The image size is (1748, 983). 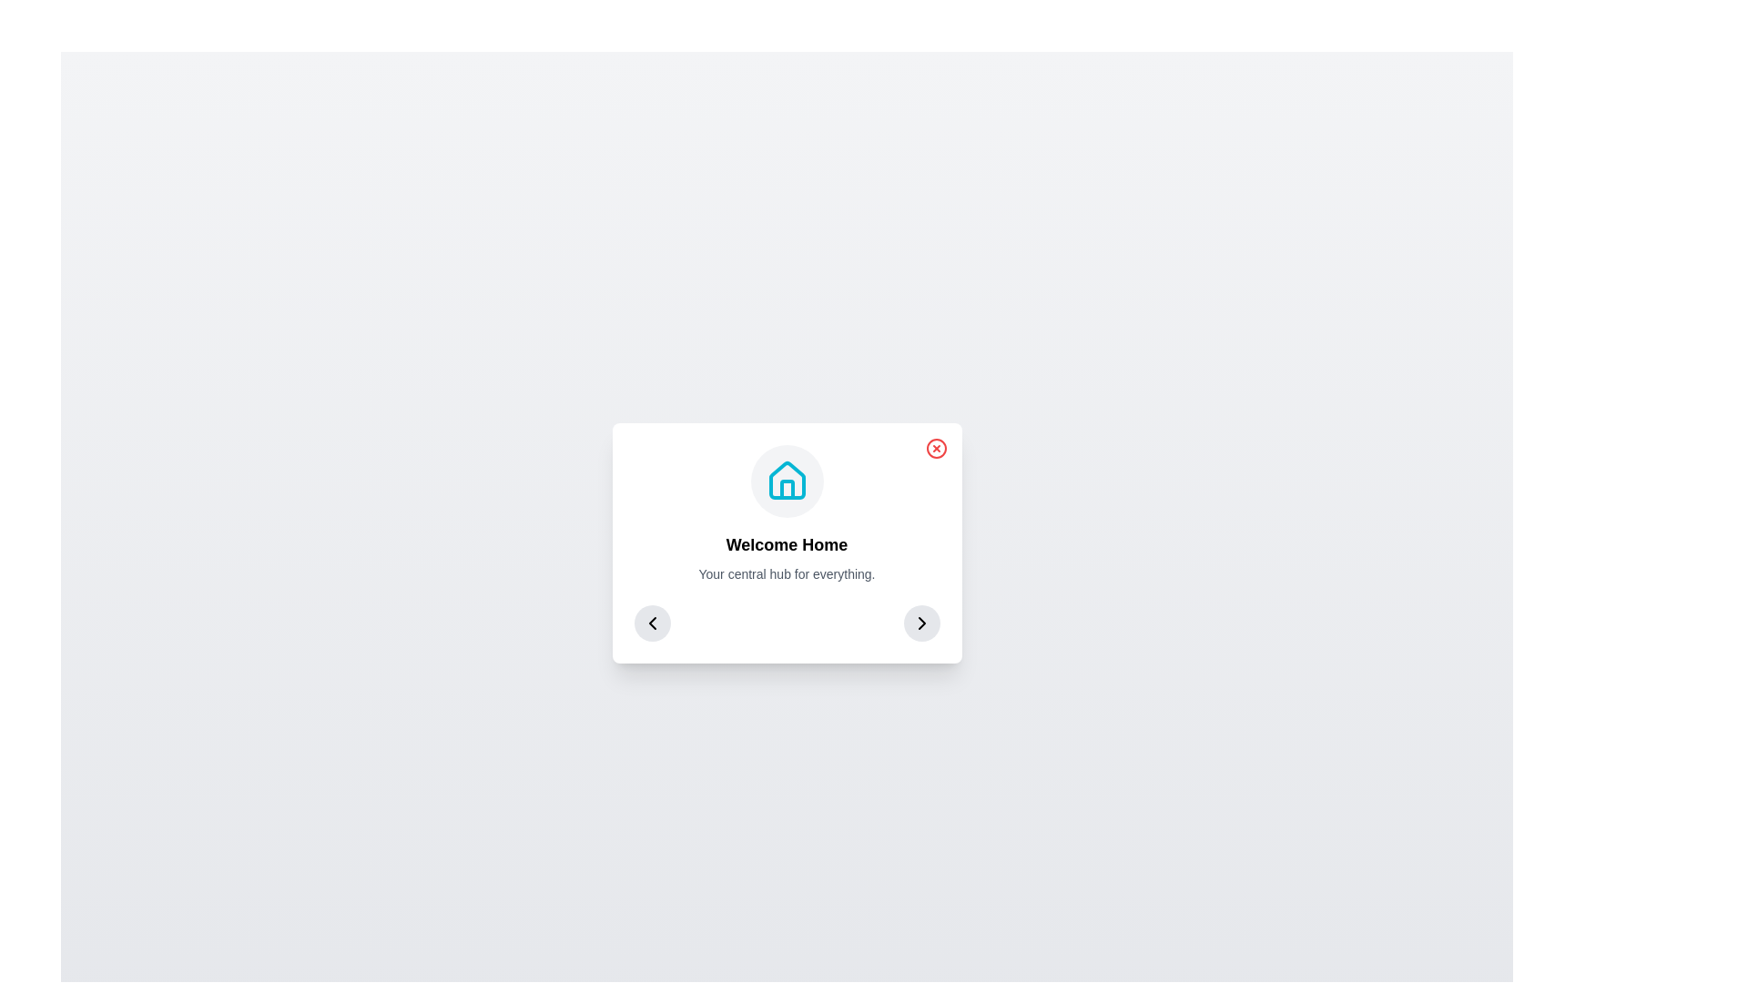 What do you see at coordinates (787, 480) in the screenshot?
I see `the 'home' SVG icon located in the center of the card interface, above the 'Welcome Home' text and its subtitle` at bounding box center [787, 480].